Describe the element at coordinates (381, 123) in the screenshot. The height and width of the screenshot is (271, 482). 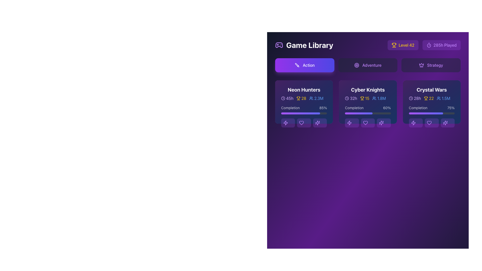
I see `the purple sparkles icon button located in the middle of the action button group beneath the 'Cyber Knights' game card` at that location.